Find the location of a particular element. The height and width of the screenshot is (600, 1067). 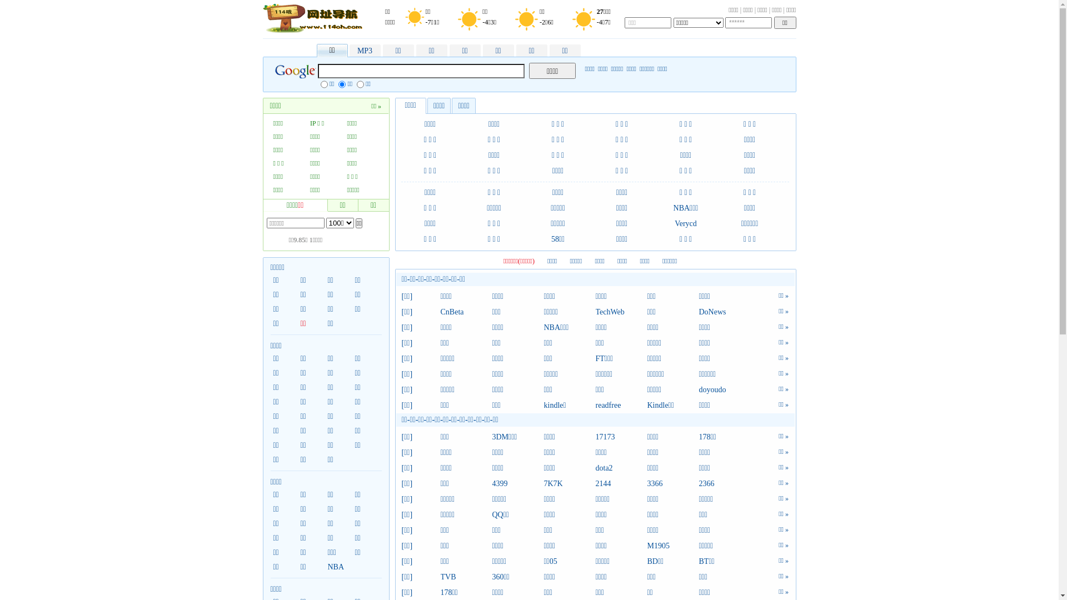

'on' is located at coordinates (360, 83).